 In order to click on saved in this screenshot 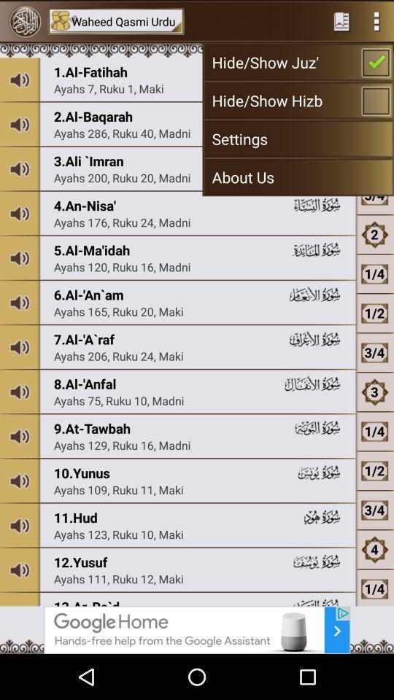, I will do `click(341, 20)`.